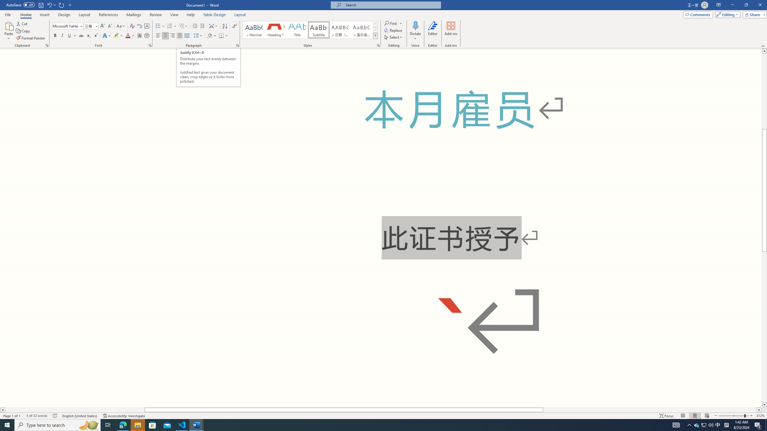  Describe the element at coordinates (139, 26) in the screenshot. I see `'Phonetic Guide...'` at that location.